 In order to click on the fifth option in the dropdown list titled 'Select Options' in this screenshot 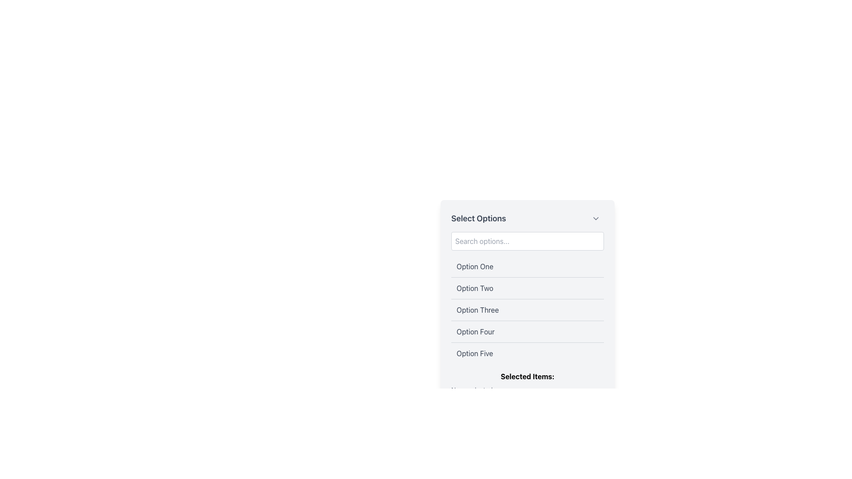, I will do `click(474, 353)`.